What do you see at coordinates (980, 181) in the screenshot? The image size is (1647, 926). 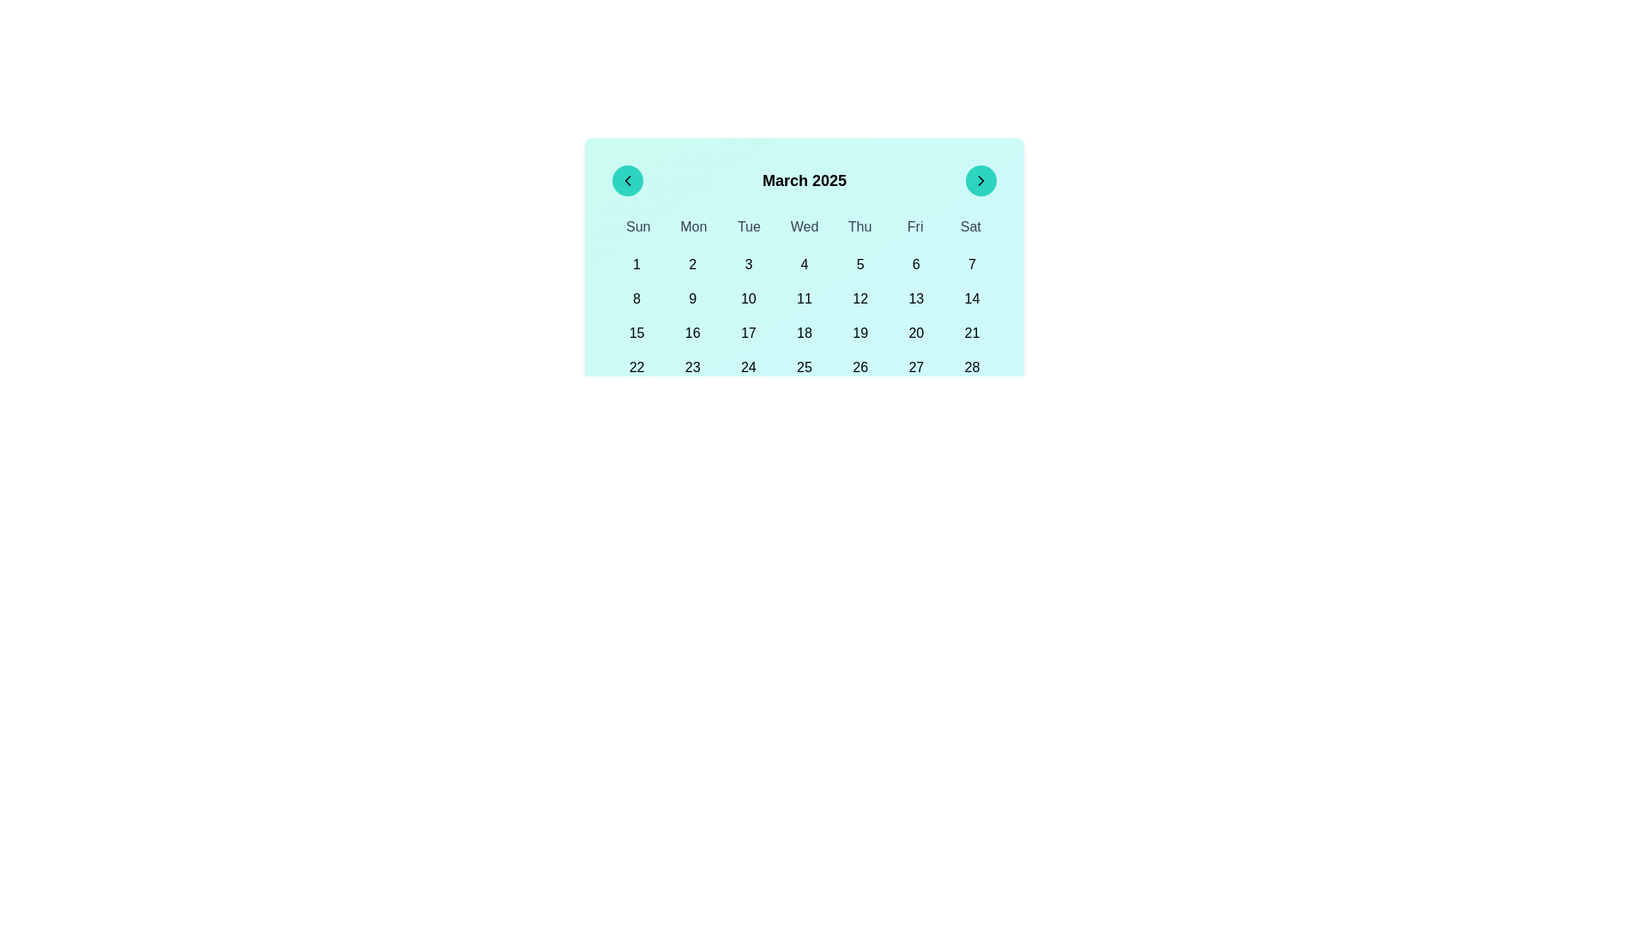 I see `the right arrow chevron icon located within the right circular button at the top-right corner of the calendar interface` at bounding box center [980, 181].